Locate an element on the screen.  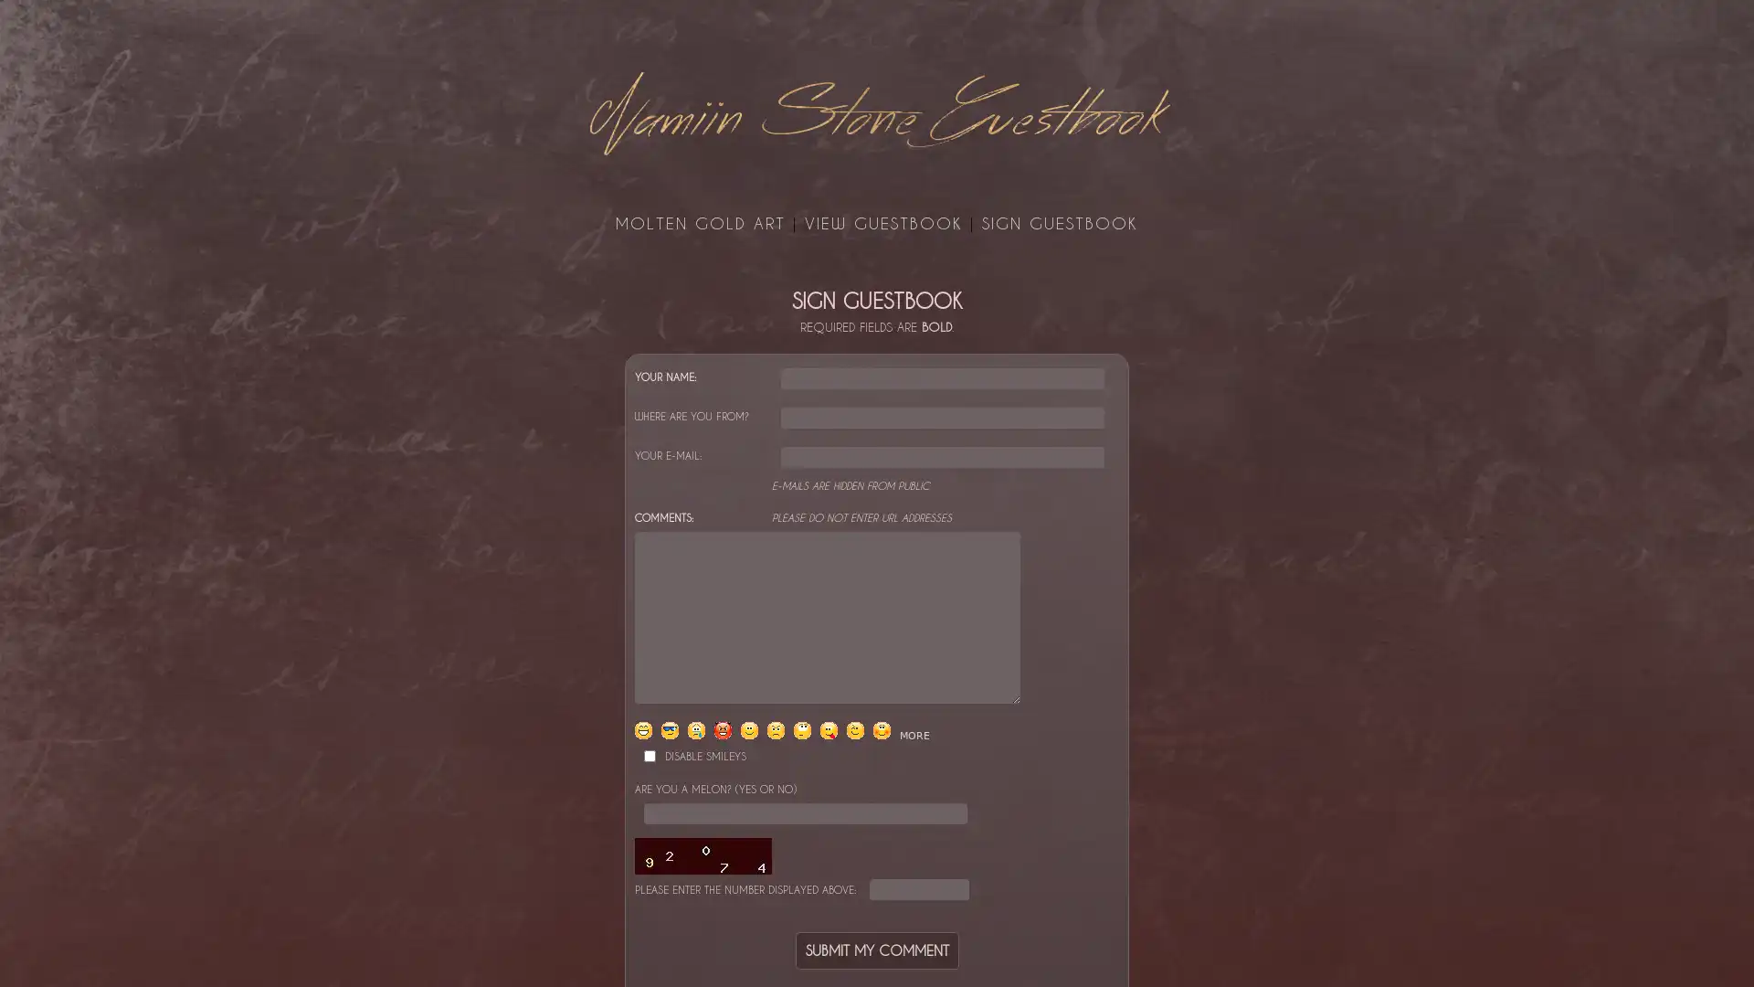
Submit My Comment is located at coordinates (875, 949).